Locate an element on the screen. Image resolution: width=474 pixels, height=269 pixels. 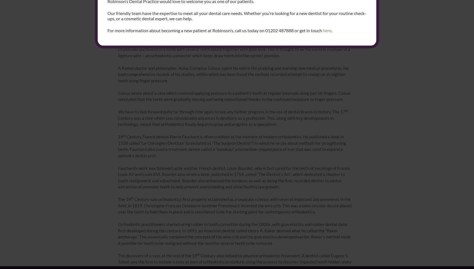
'.' is located at coordinates (331, 30).